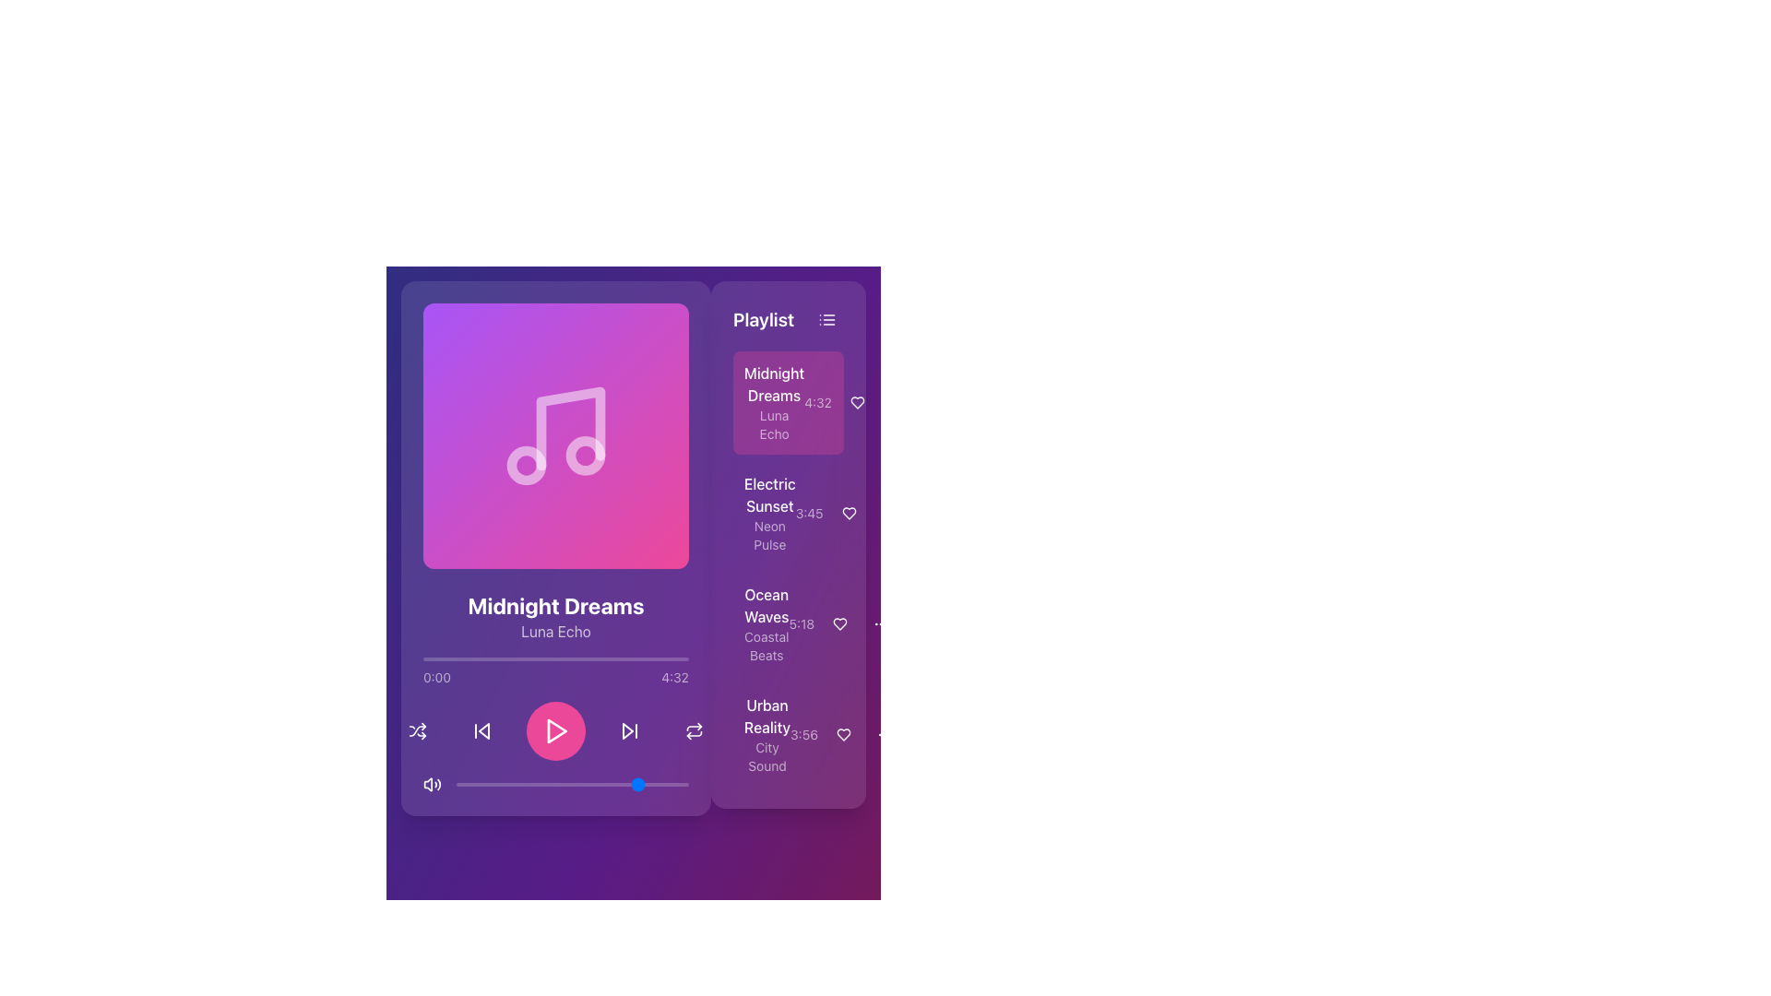 The width and height of the screenshot is (1771, 996). Describe the element at coordinates (483, 730) in the screenshot. I see `the leftward pointing triangle icon within the skip-backward control` at that location.